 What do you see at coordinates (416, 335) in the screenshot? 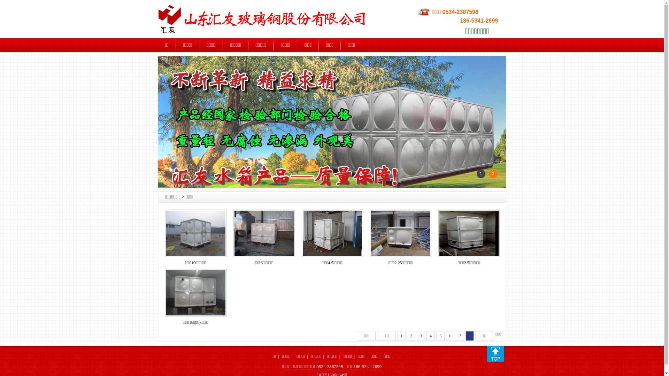
I see `'3'` at bounding box center [416, 335].